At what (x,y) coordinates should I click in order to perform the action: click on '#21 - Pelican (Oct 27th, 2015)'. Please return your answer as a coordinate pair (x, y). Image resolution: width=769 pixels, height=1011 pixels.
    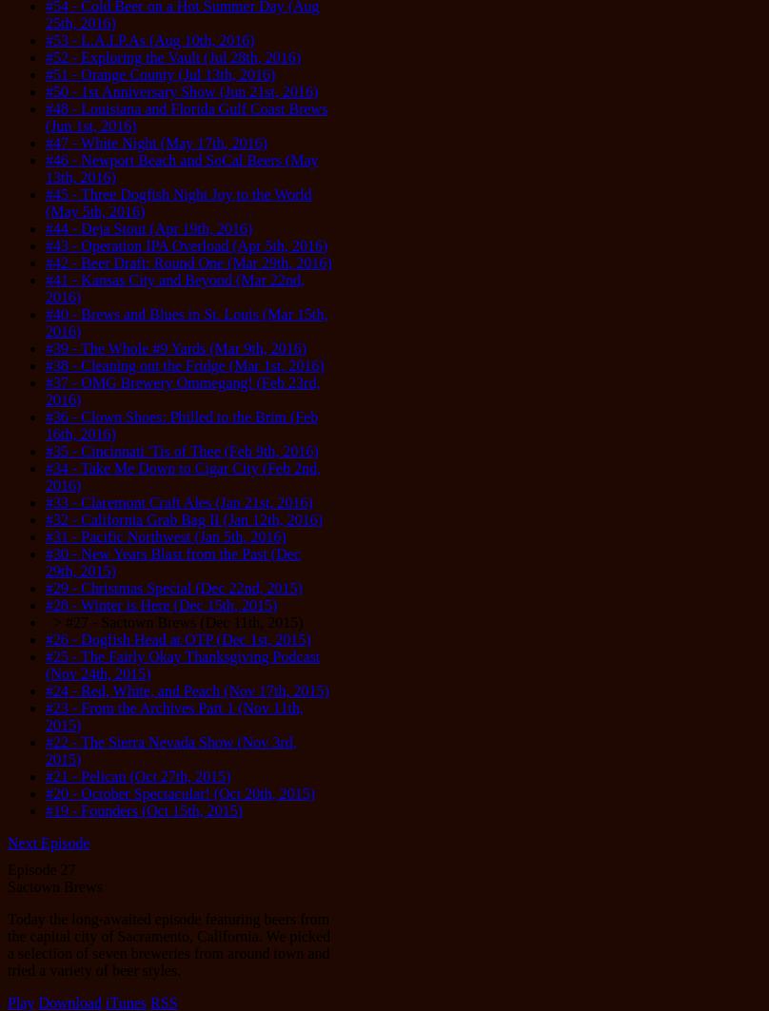
    Looking at the image, I should click on (45, 775).